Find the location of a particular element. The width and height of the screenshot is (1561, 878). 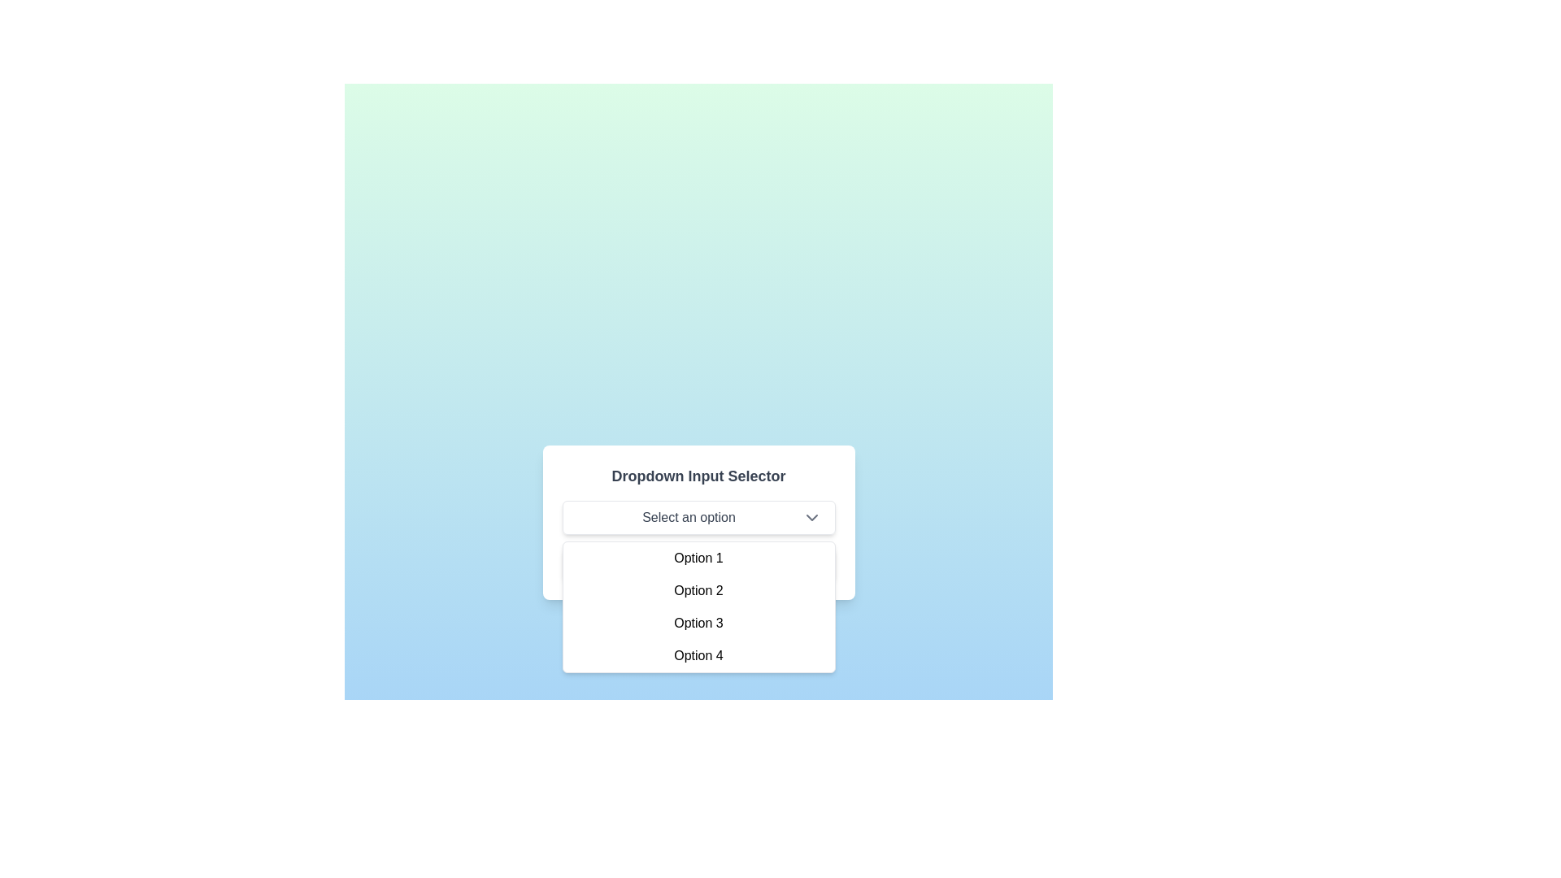

the dropdown button labeled 'Select an option' which contains a downward-pointing chevron icon on the far-right side is located at coordinates (811, 517).